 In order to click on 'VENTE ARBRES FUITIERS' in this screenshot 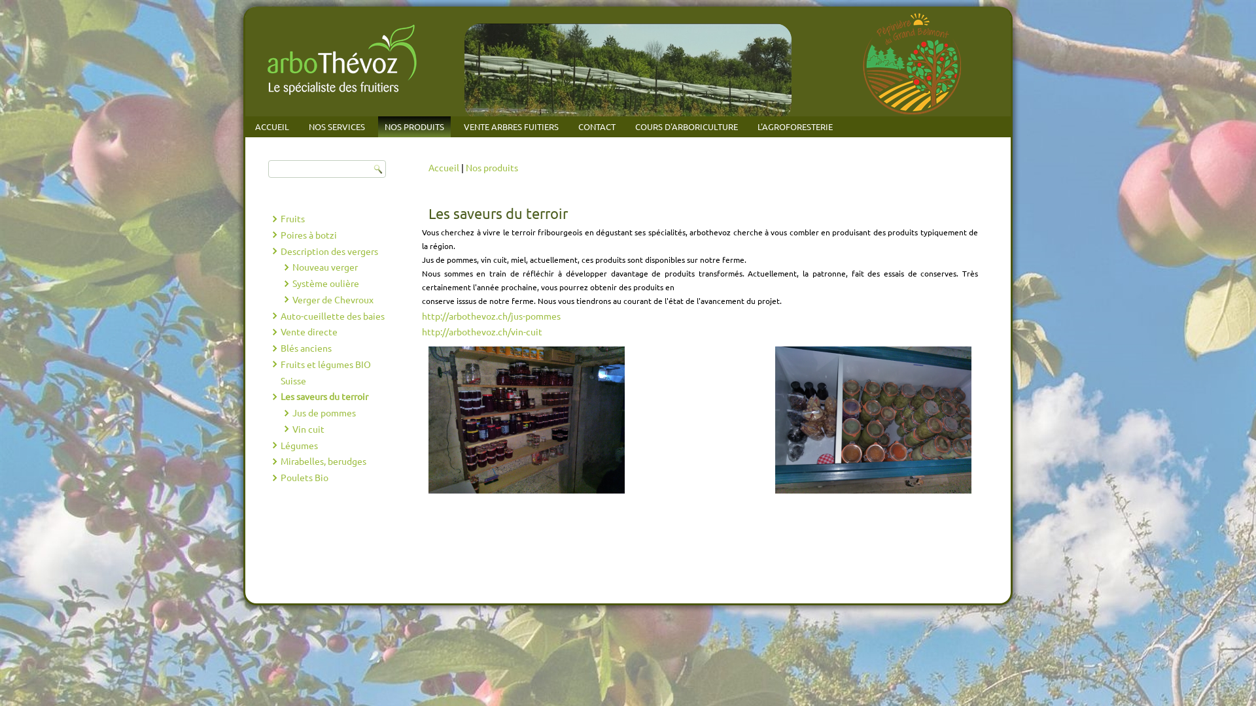, I will do `click(510, 126)`.